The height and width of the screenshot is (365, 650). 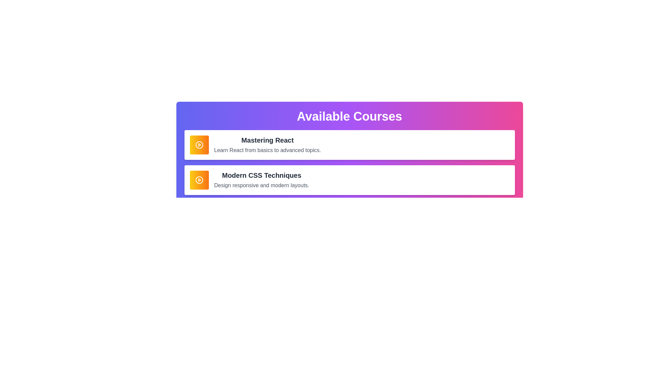 I want to click on the play icon button, which is a rounded square with a gradient background from yellow to orange, located to the left of the course title 'Mastering React', so click(x=199, y=144).